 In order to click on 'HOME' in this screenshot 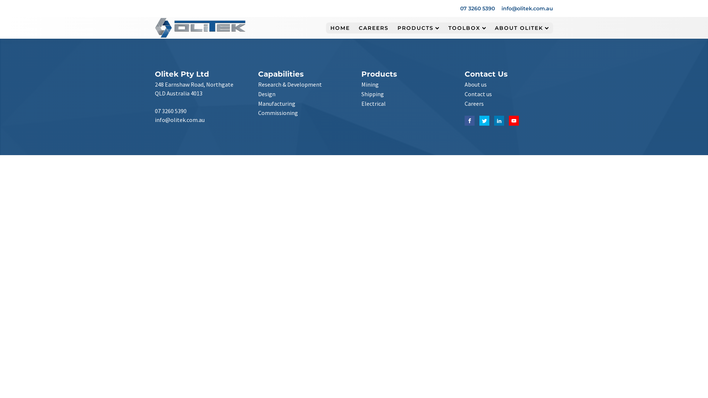, I will do `click(340, 28)`.